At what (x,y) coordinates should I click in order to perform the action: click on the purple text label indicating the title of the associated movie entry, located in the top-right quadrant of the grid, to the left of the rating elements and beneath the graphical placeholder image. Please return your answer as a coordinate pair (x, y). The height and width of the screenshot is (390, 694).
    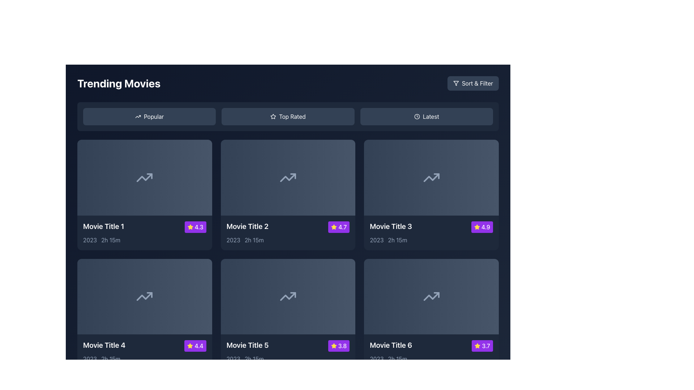
    Looking at the image, I should click on (390, 226).